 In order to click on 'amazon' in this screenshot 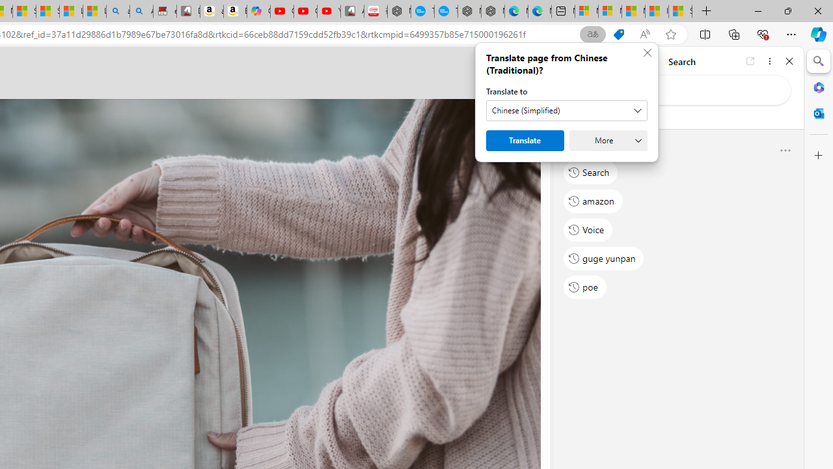, I will do `click(593, 201)`.